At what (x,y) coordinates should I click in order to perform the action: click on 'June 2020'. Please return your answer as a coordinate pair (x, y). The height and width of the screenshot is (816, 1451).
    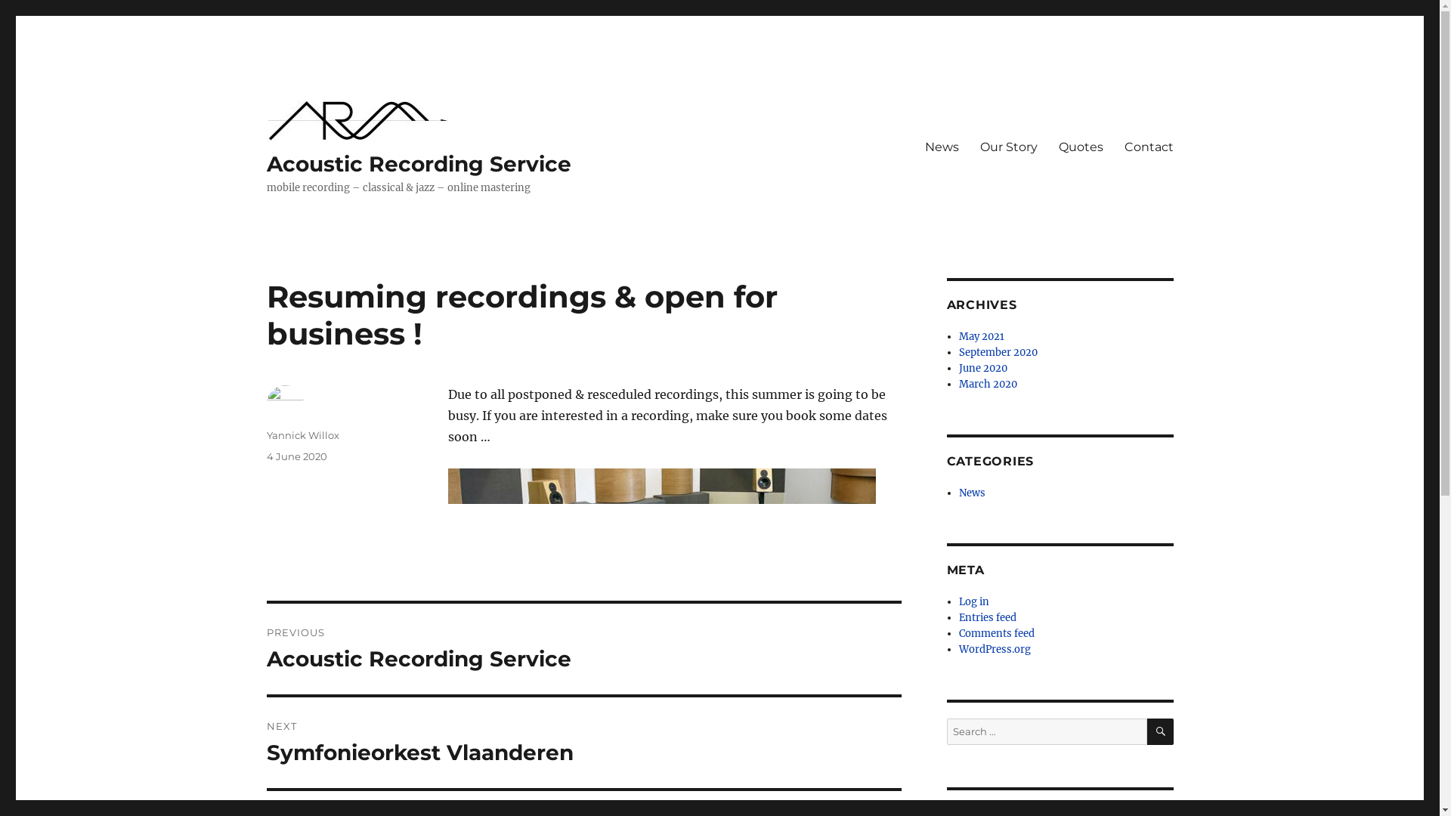
    Looking at the image, I should click on (958, 368).